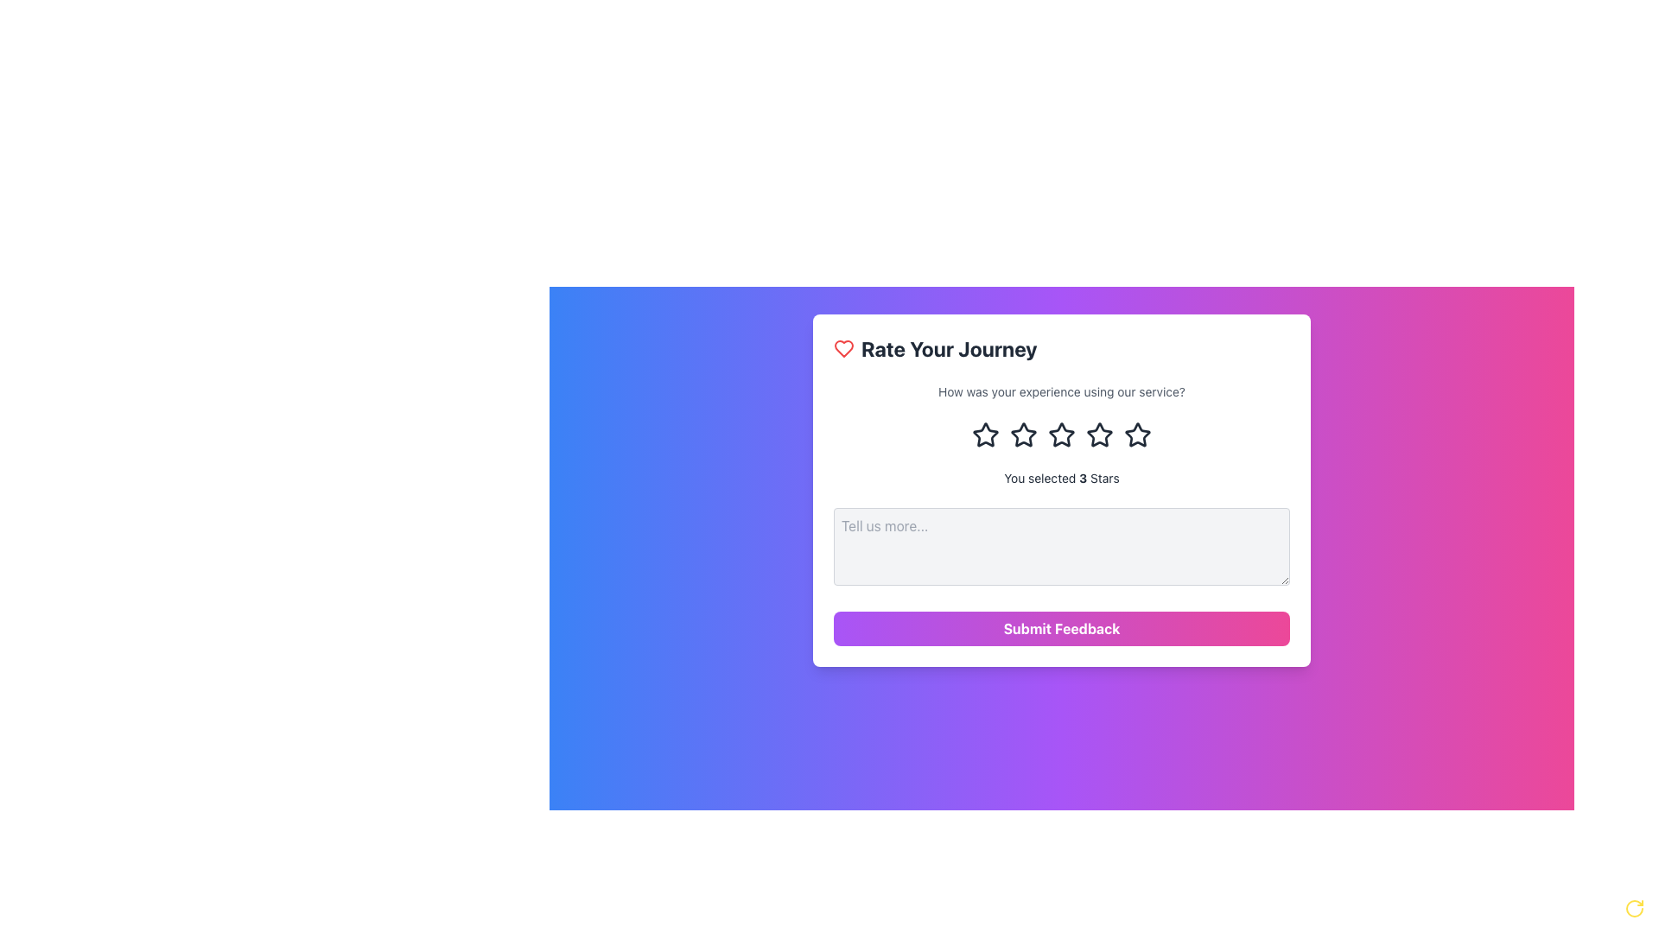 This screenshot has height=933, width=1659. Describe the element at coordinates (1060, 392) in the screenshot. I see `the text label providing a prompt for users to evaluate their experience with the service, located beneath the heading 'Rate Your Journey' and above the star rating icons` at that location.